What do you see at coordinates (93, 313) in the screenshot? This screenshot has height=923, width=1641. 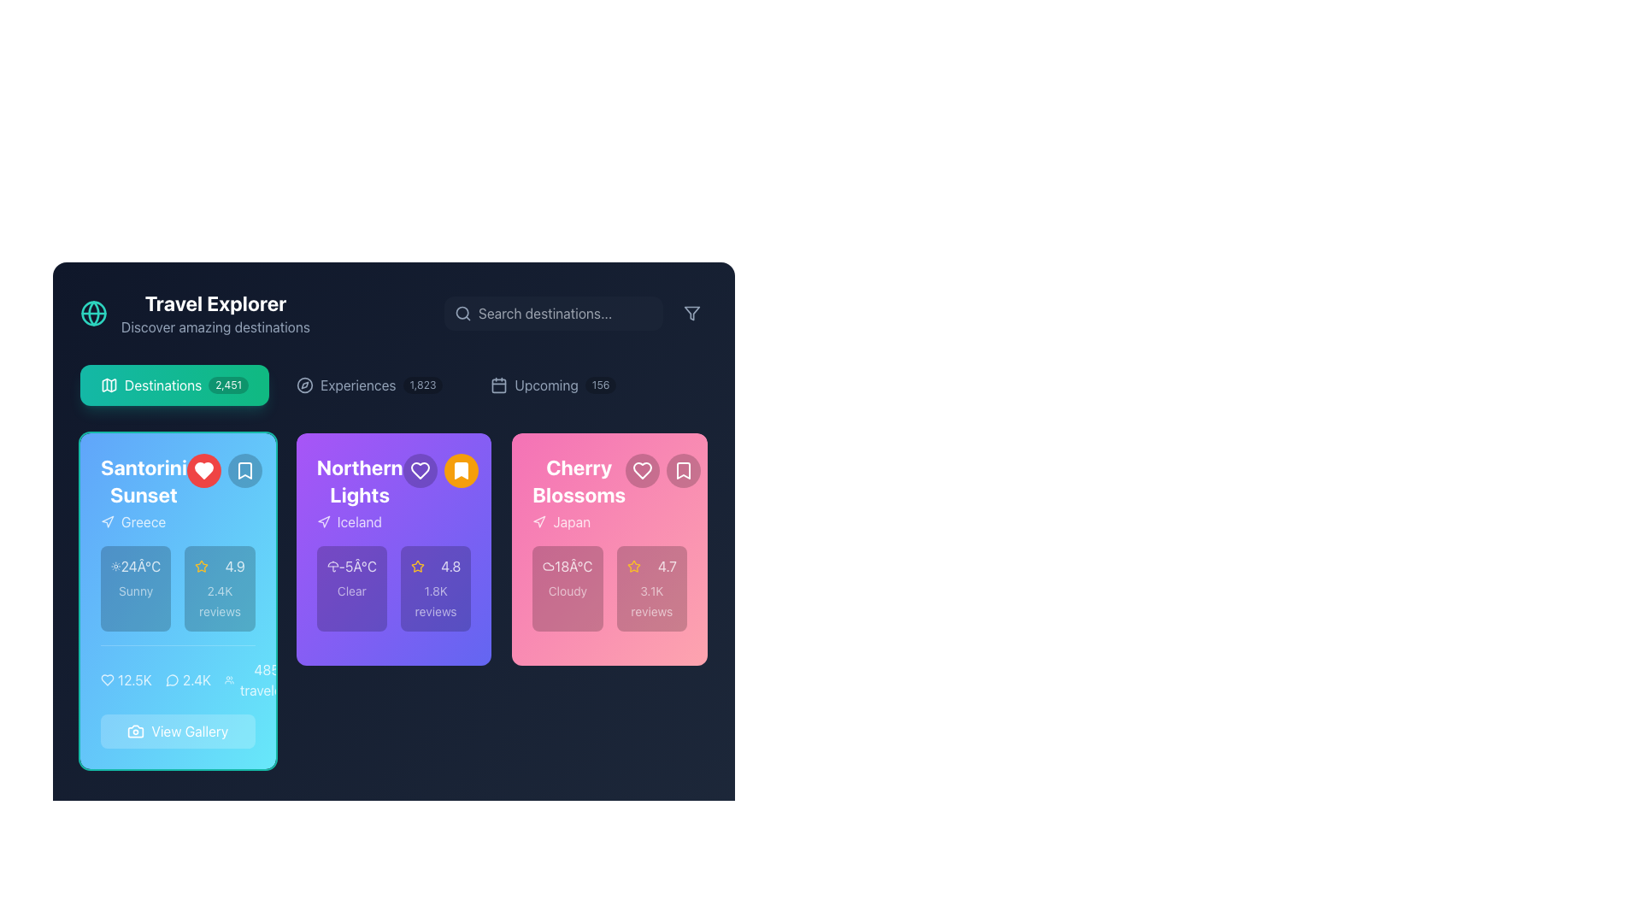 I see `the decorative circle SVG graphic element located at the center of the globe icon, which is positioned to the left of the 'Travel Explorer' title in the application's header` at bounding box center [93, 313].